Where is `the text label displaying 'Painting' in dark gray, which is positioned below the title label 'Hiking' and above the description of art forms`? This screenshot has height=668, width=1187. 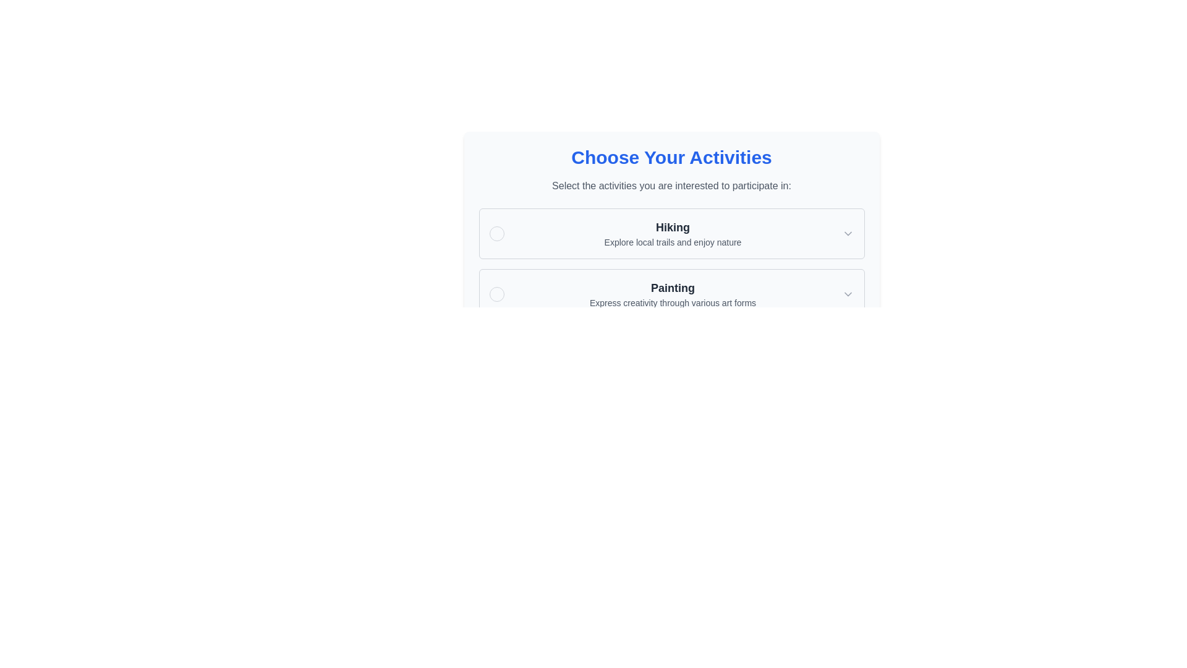 the text label displaying 'Painting' in dark gray, which is positioned below the title label 'Hiking' and above the description of art forms is located at coordinates (672, 288).